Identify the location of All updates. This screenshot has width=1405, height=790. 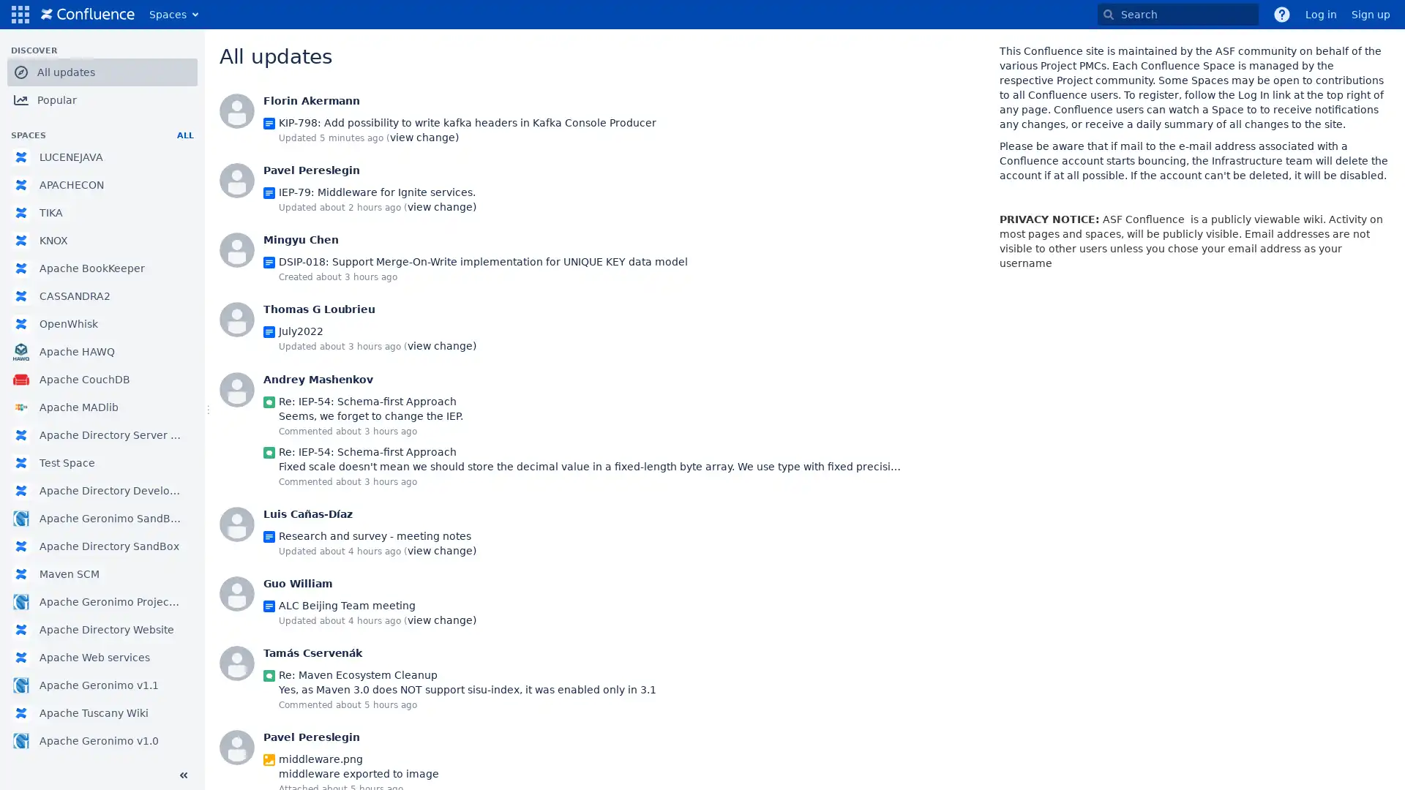
(101, 72).